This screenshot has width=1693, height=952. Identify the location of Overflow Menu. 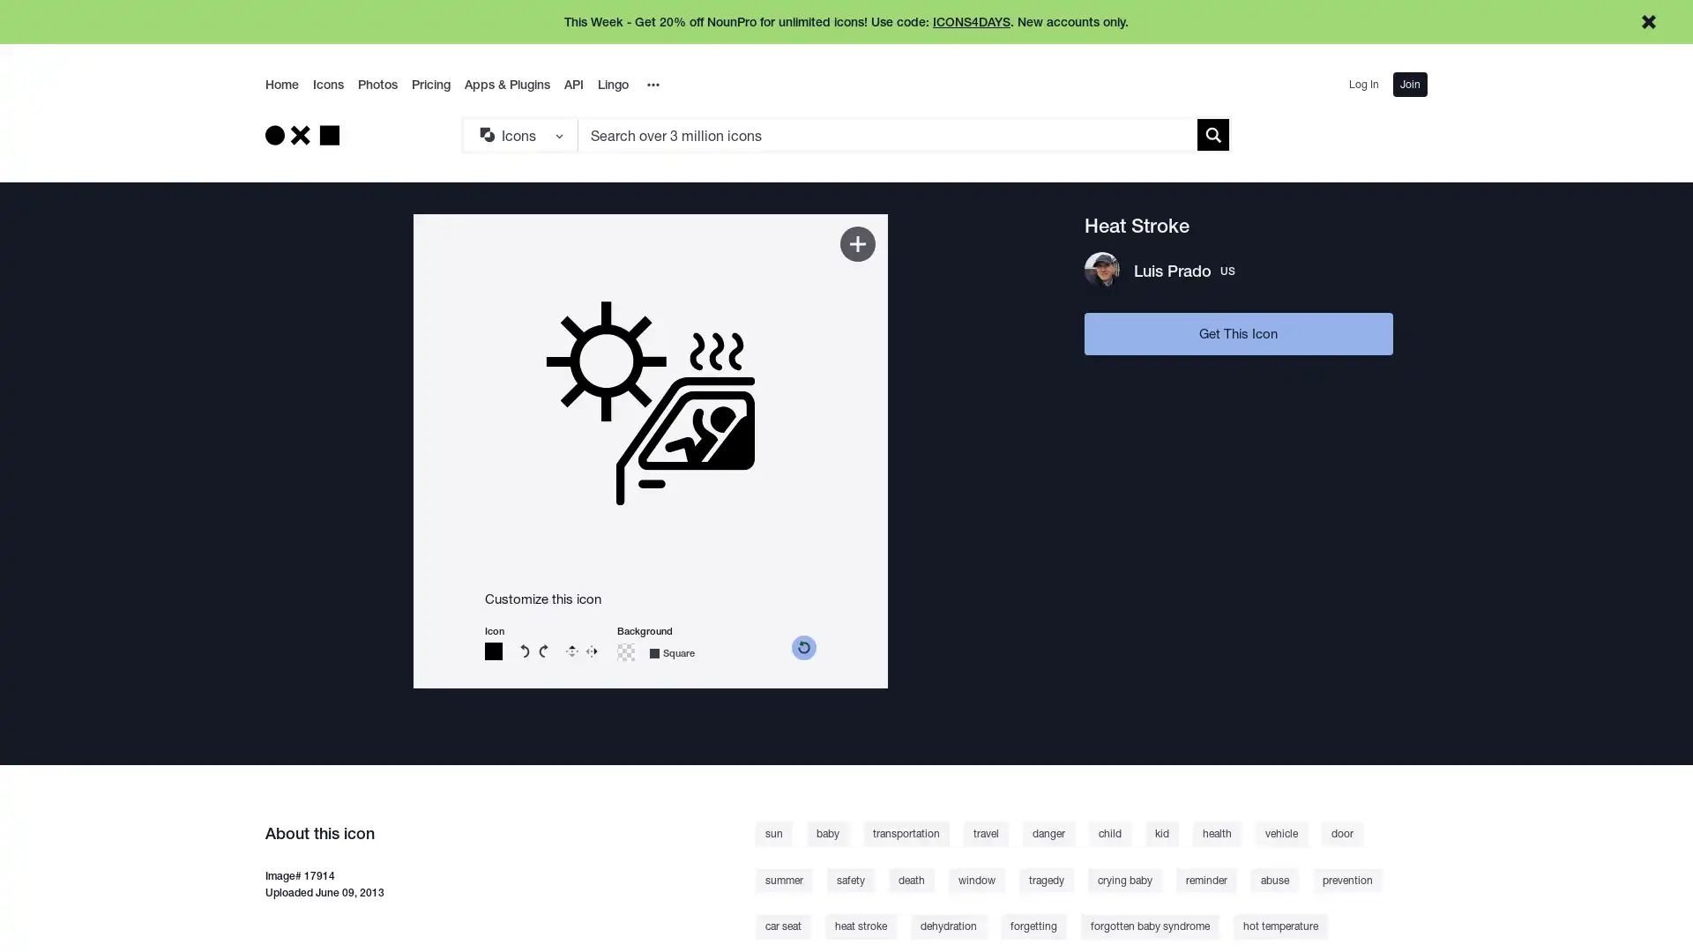
(652, 85).